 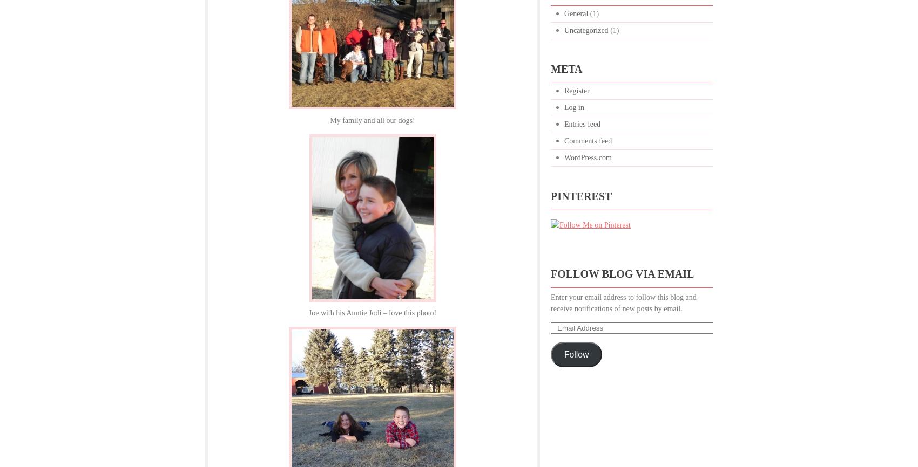 What do you see at coordinates (582, 123) in the screenshot?
I see `'Entries feed'` at bounding box center [582, 123].